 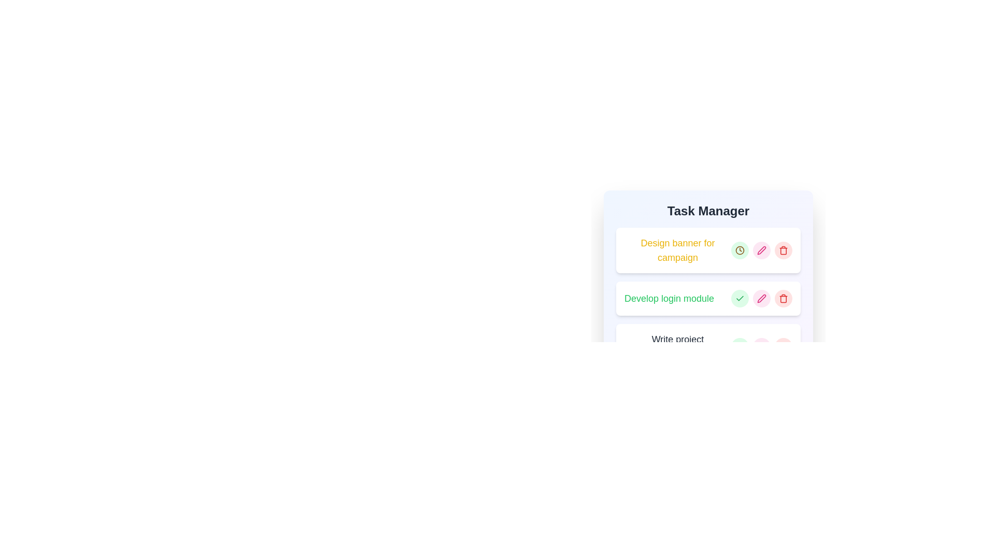 I want to click on the circular interactive button associated with the task 'Design banner for campaign' in the 'Task Manager' interface, so click(x=740, y=250).